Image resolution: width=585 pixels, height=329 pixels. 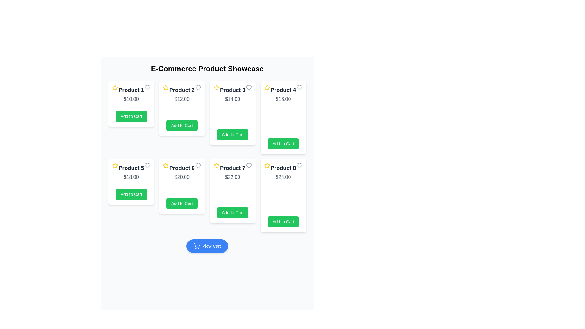 What do you see at coordinates (131, 90) in the screenshot?
I see `the 'Product 1' text label` at bounding box center [131, 90].